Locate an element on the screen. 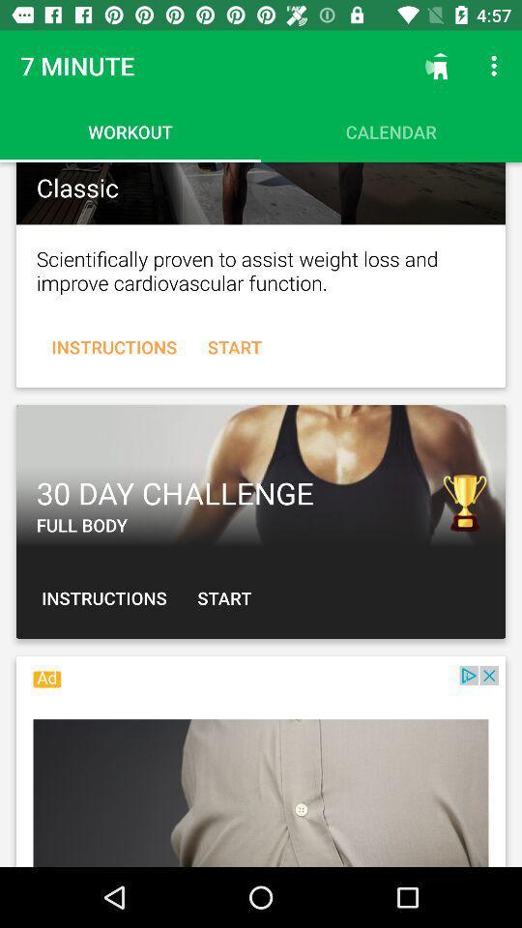 This screenshot has height=928, width=522. challenge is located at coordinates (261, 475).